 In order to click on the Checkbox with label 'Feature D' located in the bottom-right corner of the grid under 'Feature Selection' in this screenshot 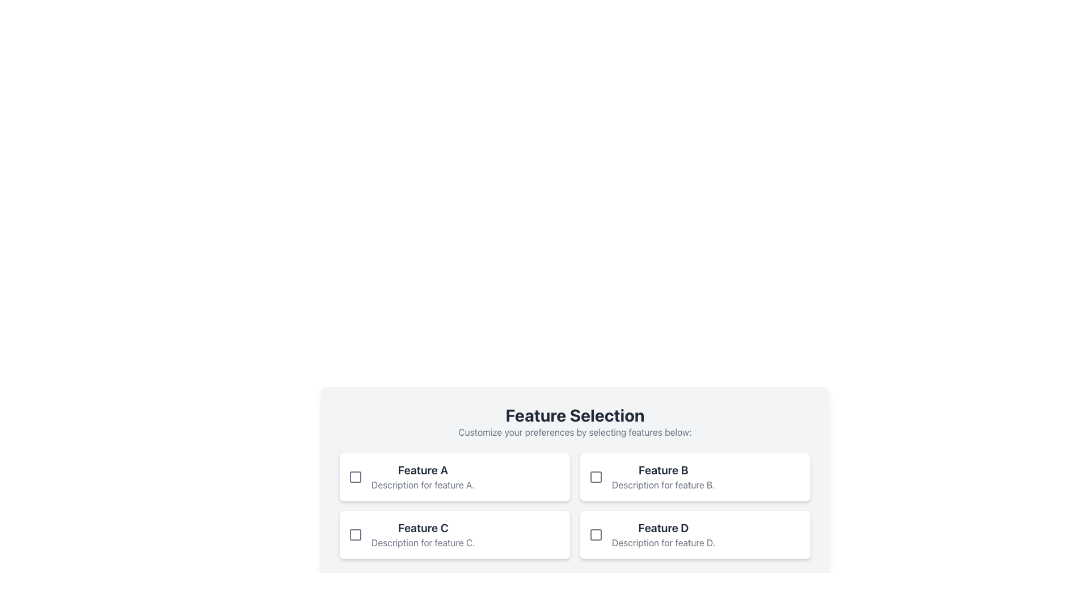, I will do `click(694, 535)`.